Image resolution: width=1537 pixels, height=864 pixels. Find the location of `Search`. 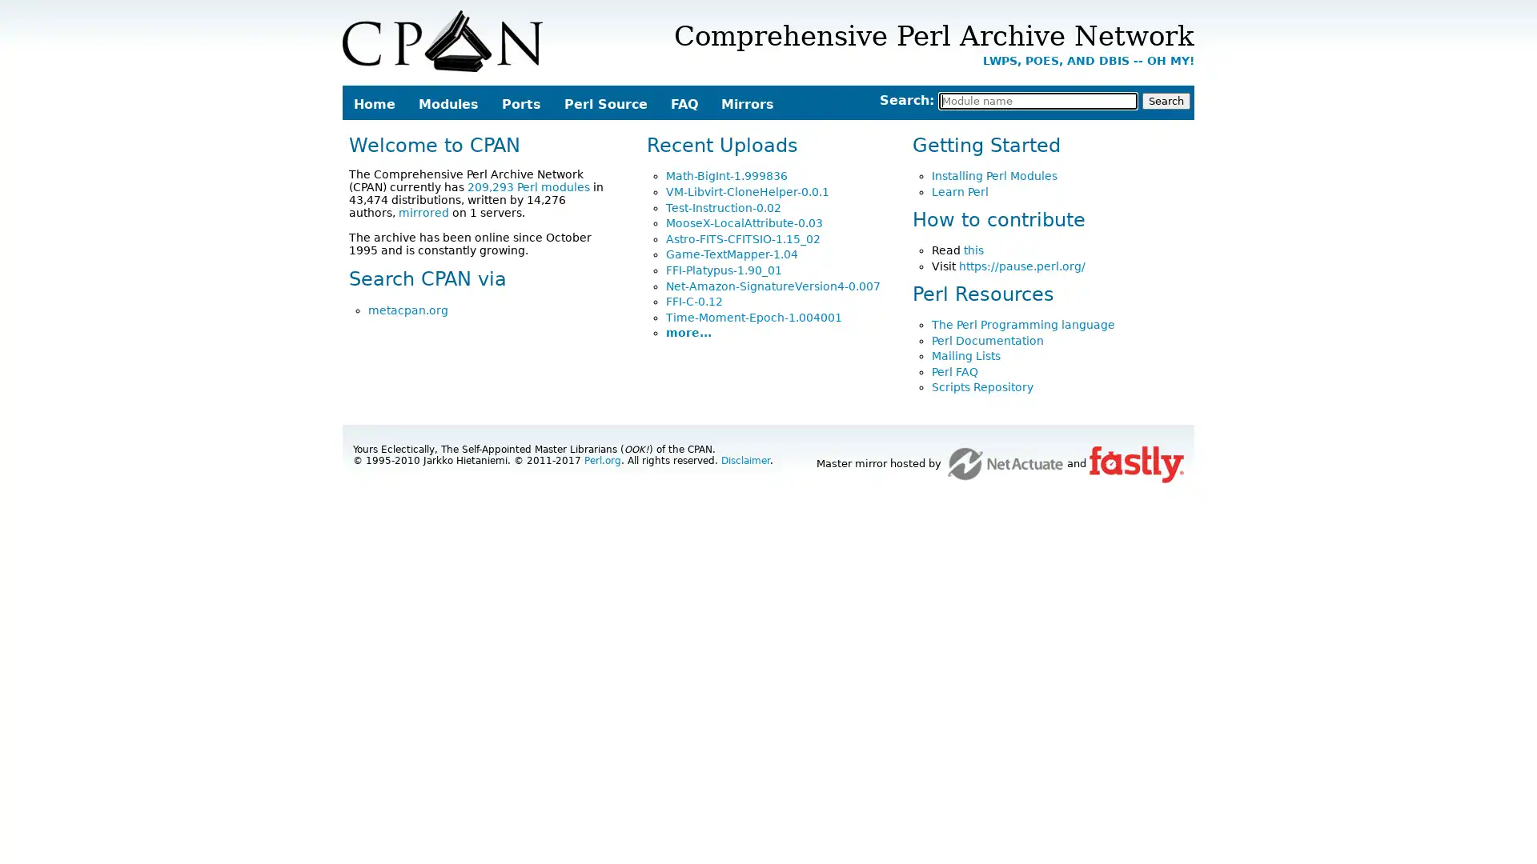

Search is located at coordinates (1166, 101).